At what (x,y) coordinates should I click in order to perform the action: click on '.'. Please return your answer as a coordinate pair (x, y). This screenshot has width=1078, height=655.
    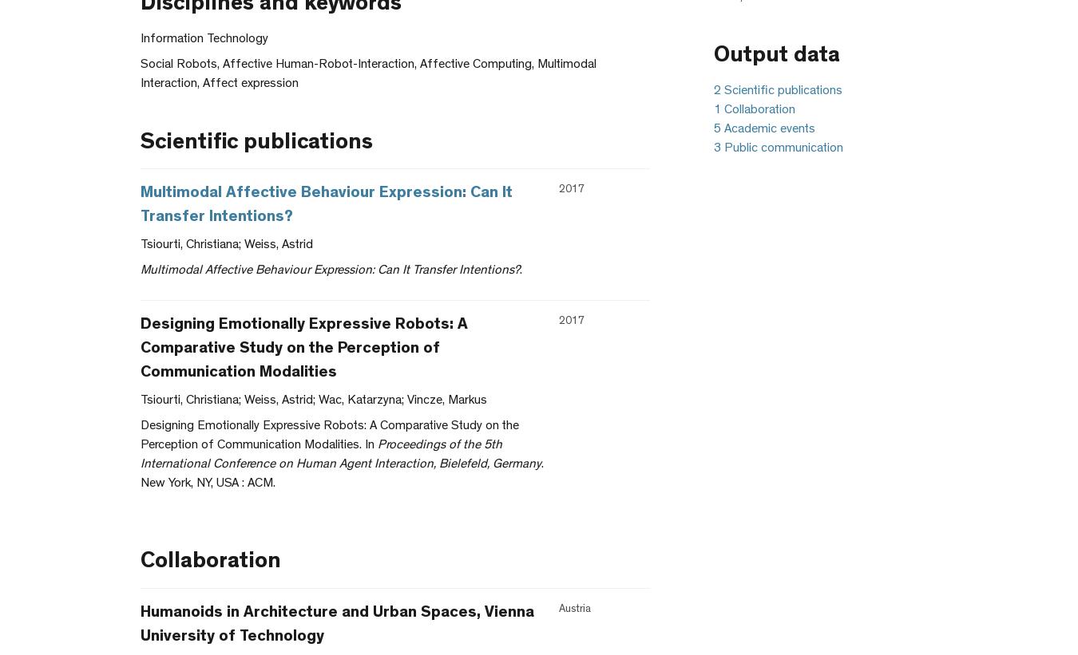
    Looking at the image, I should click on (519, 270).